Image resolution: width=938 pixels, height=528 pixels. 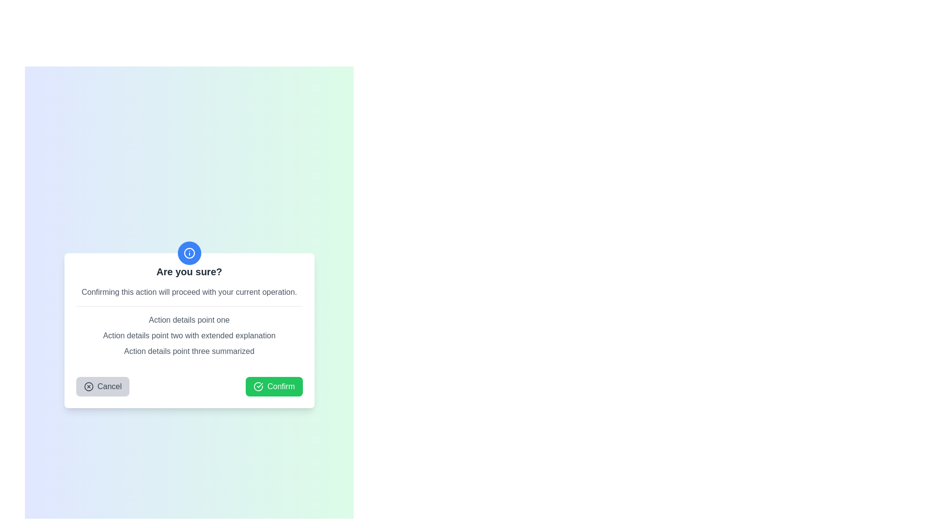 What do you see at coordinates (103, 386) in the screenshot?
I see `the 'Cancel' button located in the bottom-left corner of the dialog box, which features a light gray background and an 'X' icon to the left of the text 'Cancel'` at bounding box center [103, 386].